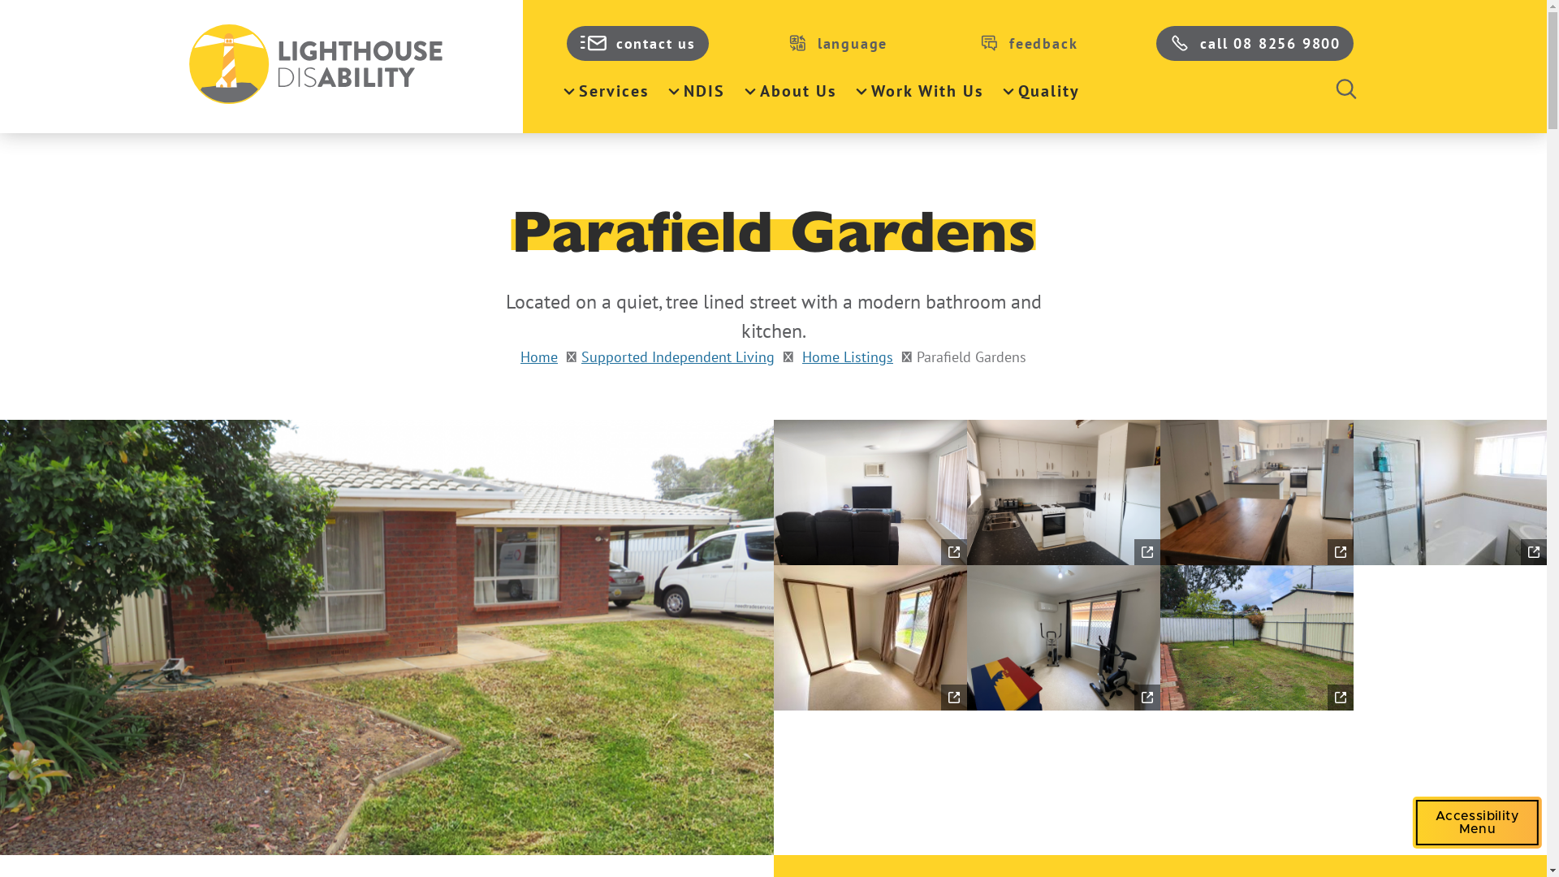  I want to click on 'About Us', so click(790, 91).